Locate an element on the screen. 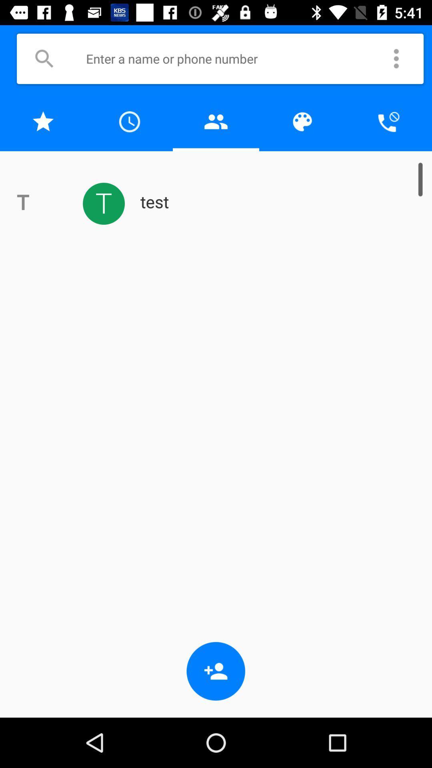  tirar la basura is located at coordinates (216, 121).